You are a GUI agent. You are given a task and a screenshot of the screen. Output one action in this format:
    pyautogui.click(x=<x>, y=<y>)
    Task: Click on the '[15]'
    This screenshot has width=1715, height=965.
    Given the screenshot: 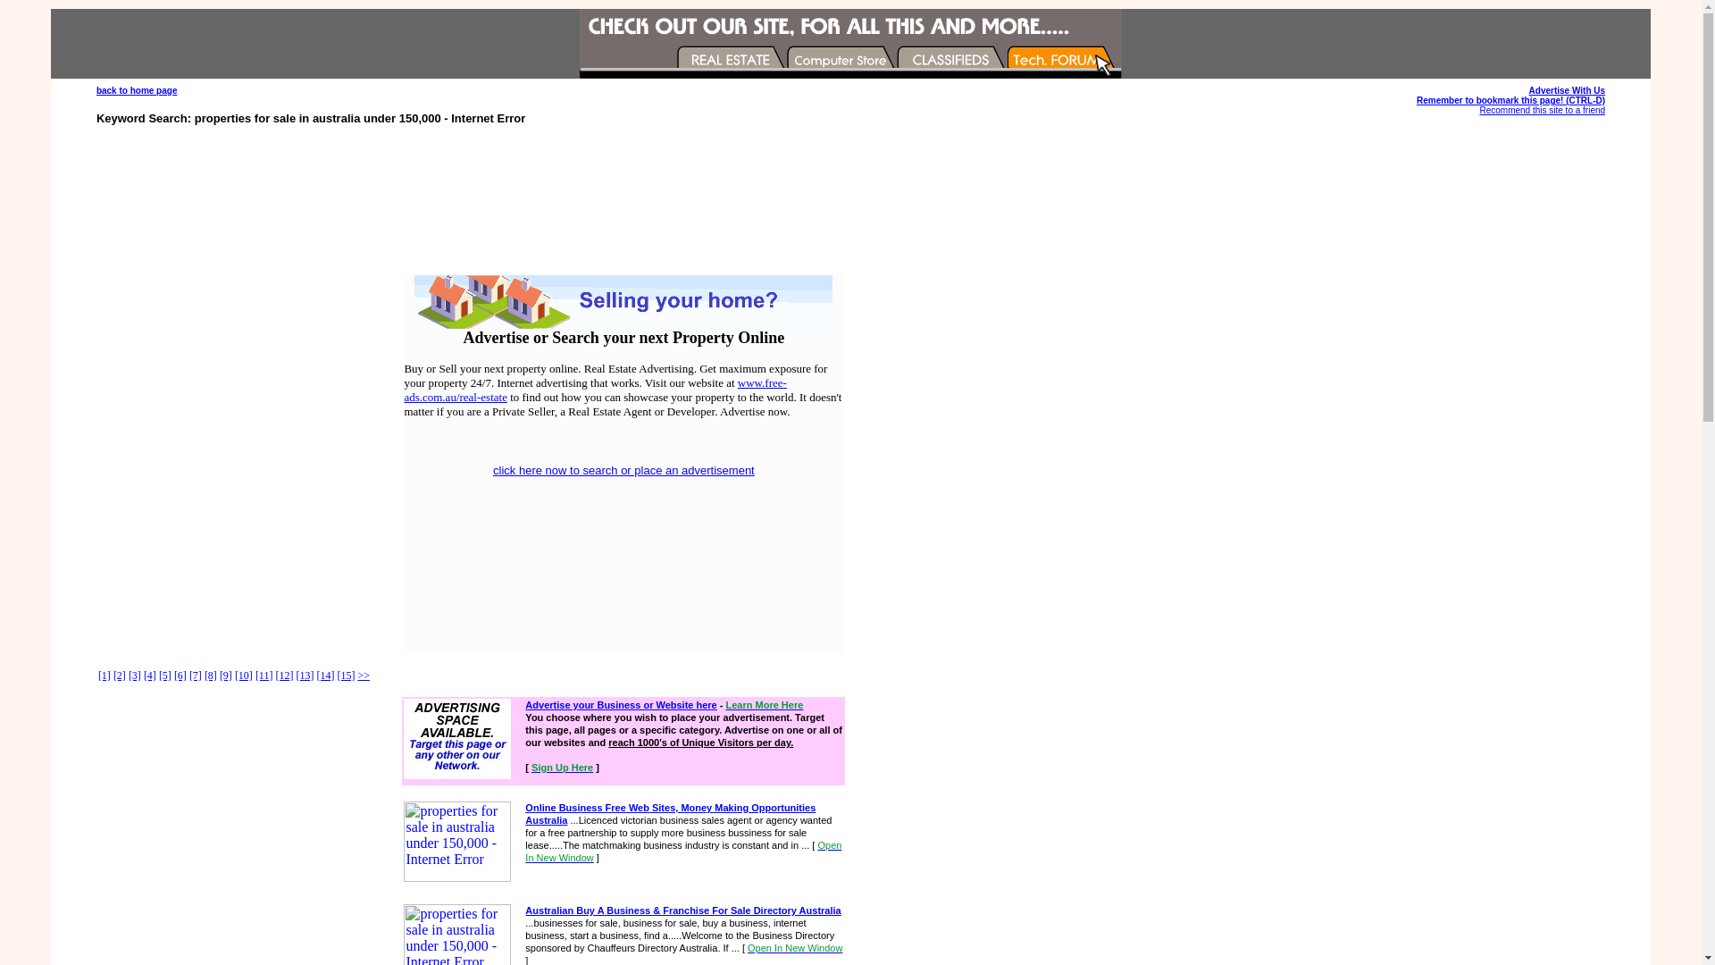 What is the action you would take?
    pyautogui.click(x=337, y=675)
    